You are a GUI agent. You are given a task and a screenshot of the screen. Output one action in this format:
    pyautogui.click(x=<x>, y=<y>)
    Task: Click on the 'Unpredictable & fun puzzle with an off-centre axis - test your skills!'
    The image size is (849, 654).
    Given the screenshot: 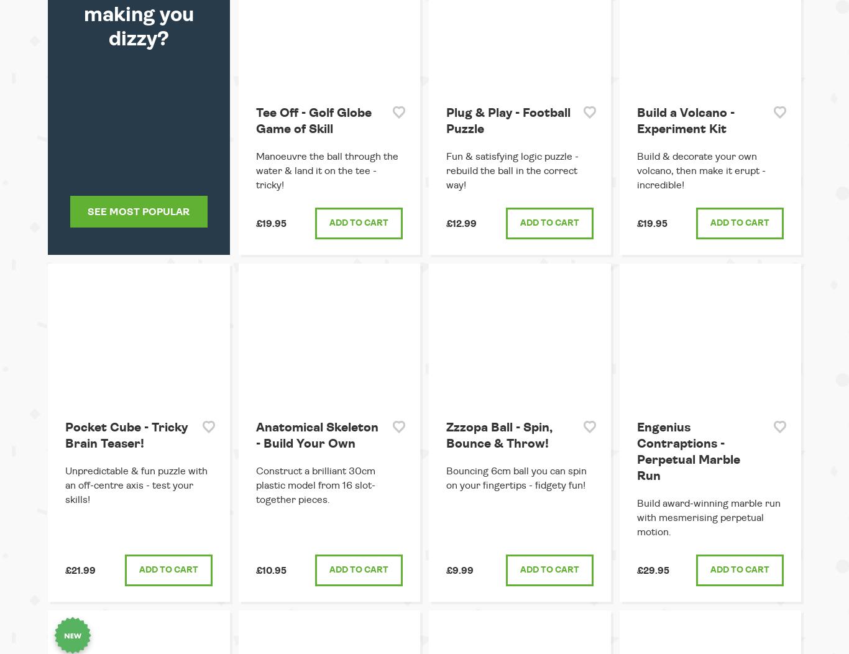 What is the action you would take?
    pyautogui.click(x=135, y=485)
    